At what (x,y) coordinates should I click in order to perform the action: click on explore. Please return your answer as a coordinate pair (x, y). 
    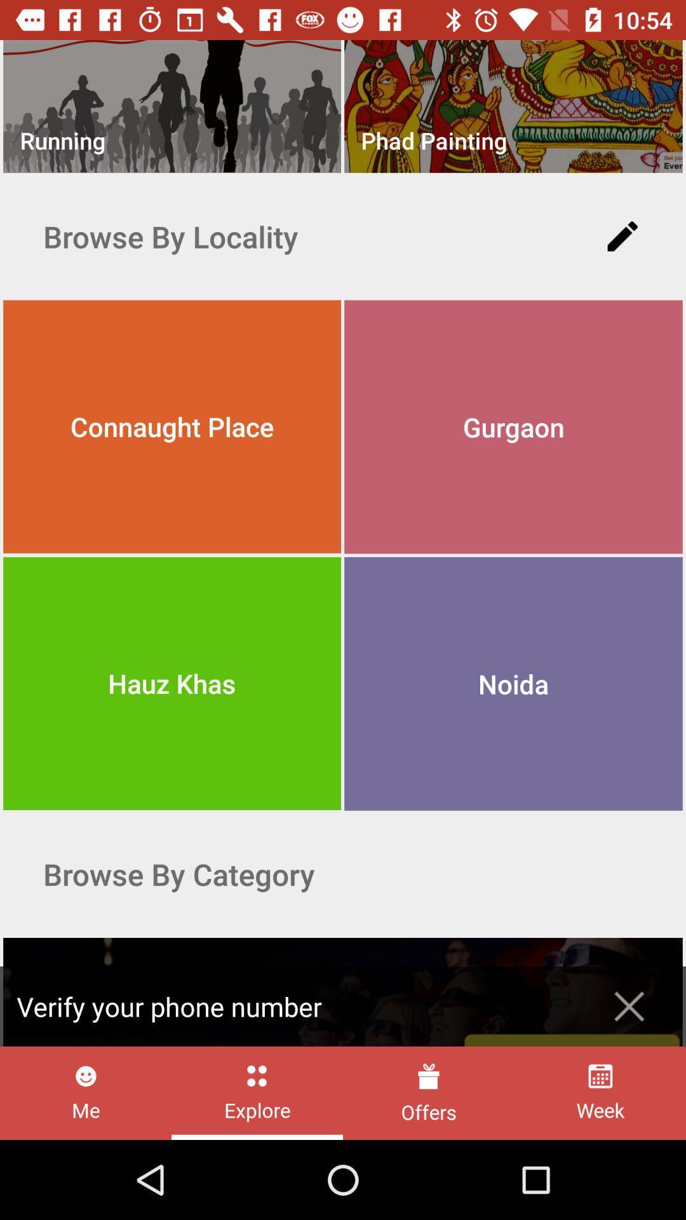
    Looking at the image, I should click on (257, 1092).